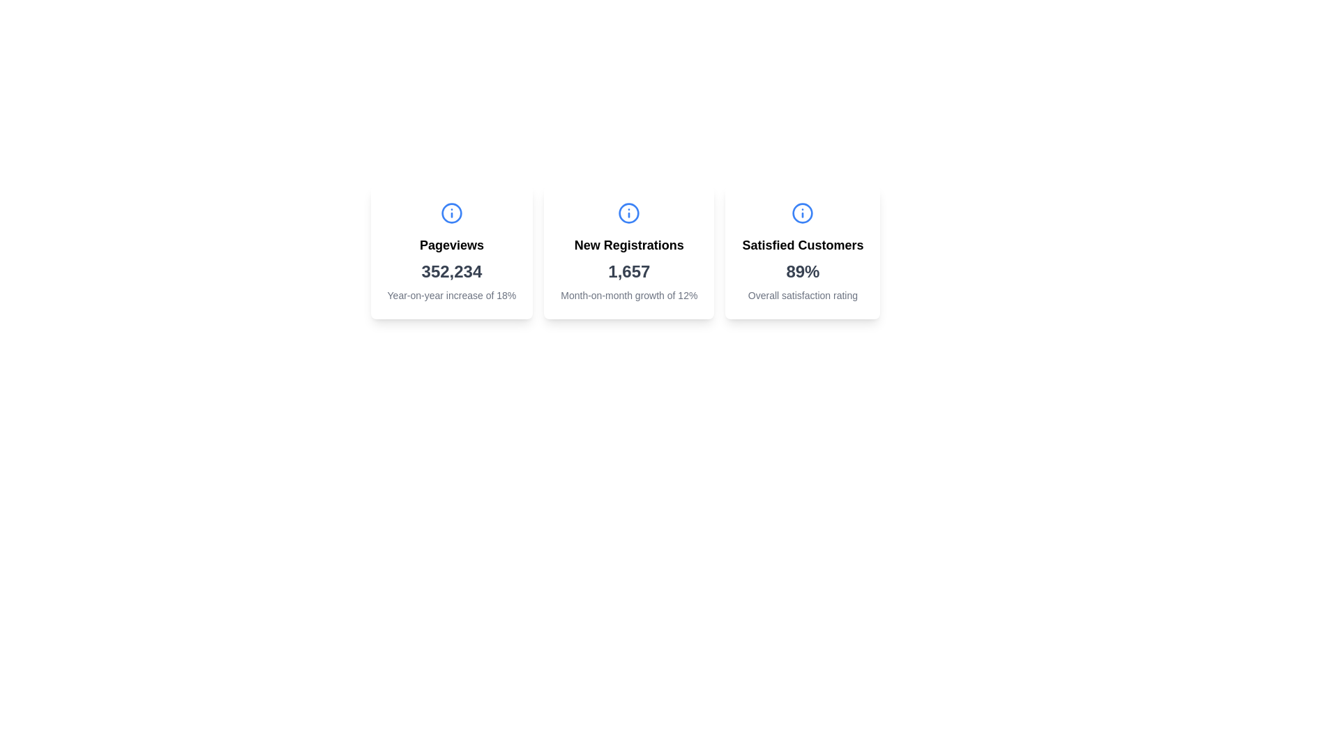  What do you see at coordinates (452, 213) in the screenshot?
I see `the informational icon located in the center-top section of the 'Pageviews' card` at bounding box center [452, 213].